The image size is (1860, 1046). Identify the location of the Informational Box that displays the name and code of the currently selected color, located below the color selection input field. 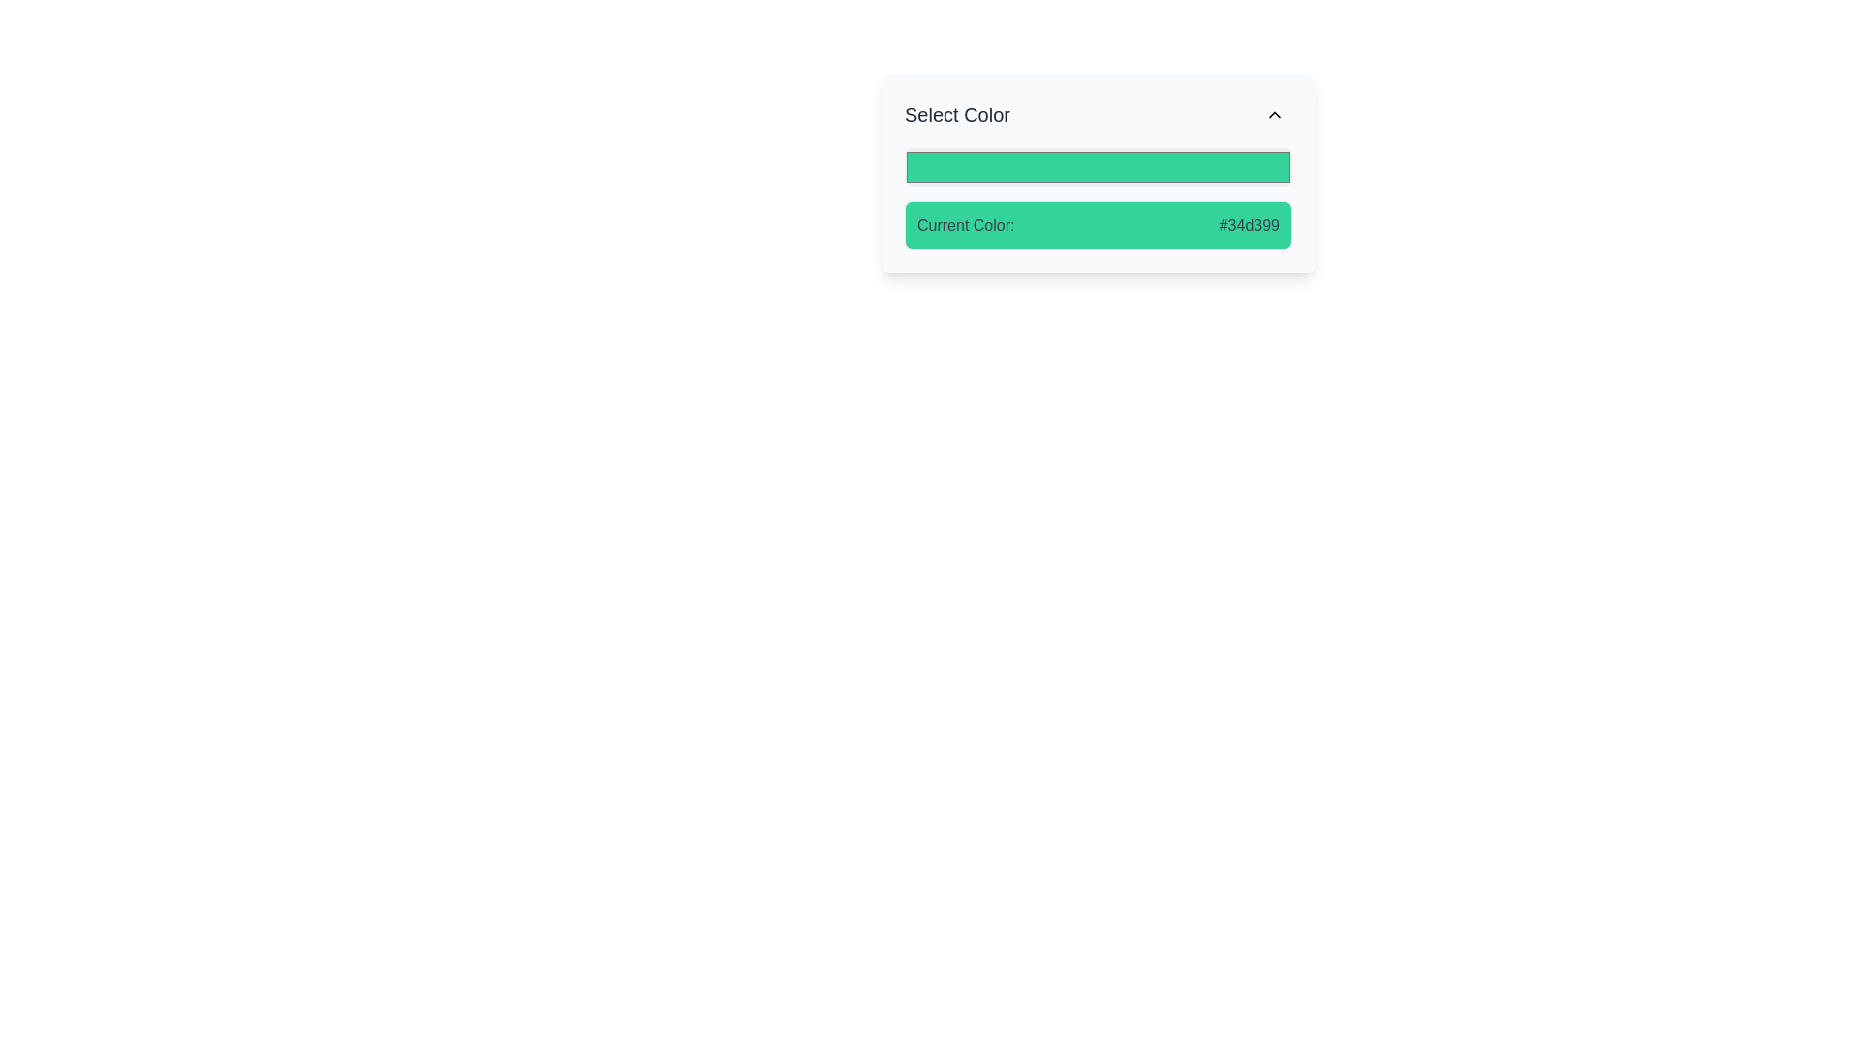
(1098, 199).